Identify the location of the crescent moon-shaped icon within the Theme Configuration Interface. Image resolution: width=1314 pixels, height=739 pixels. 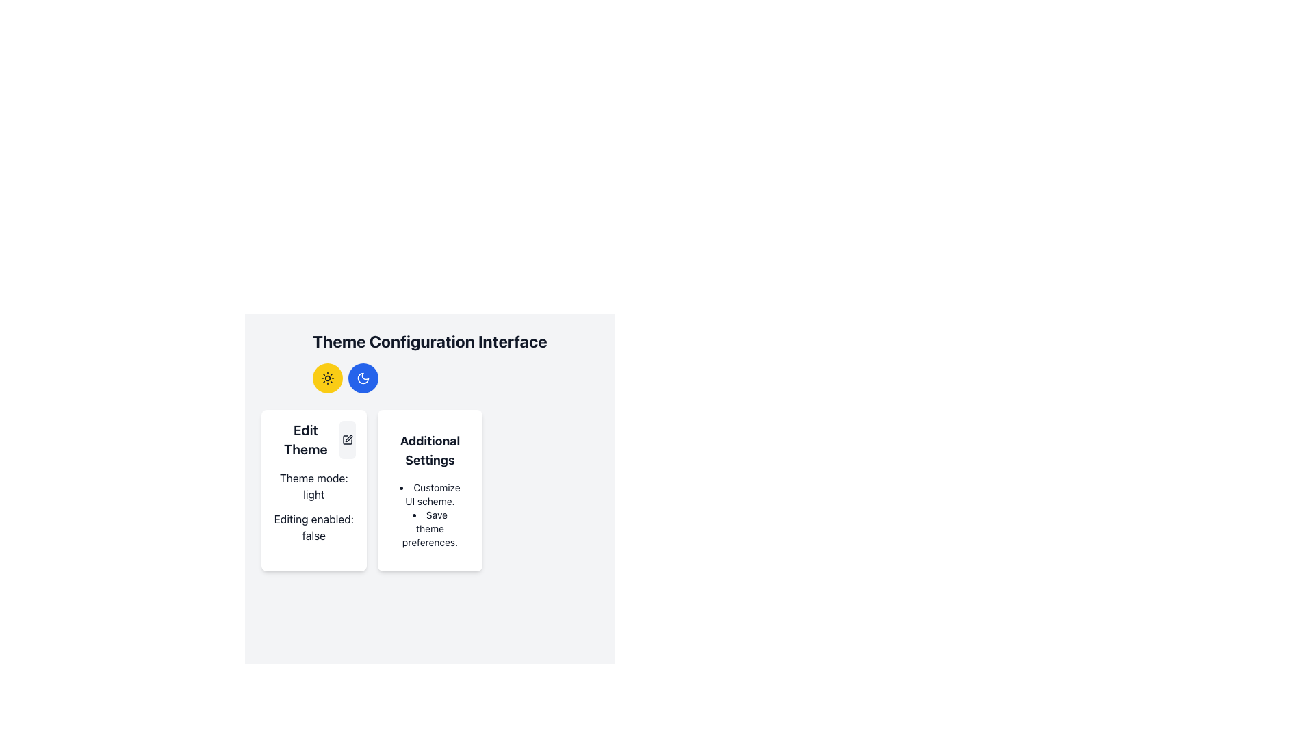
(363, 378).